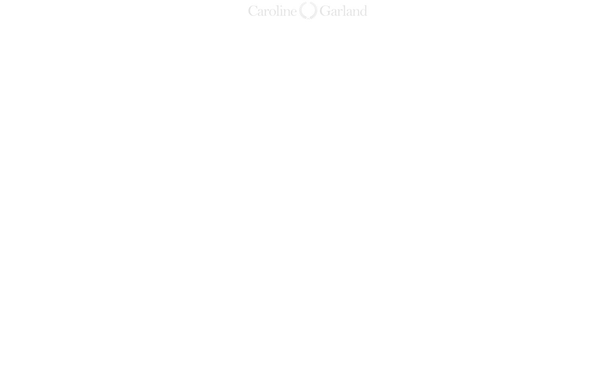  I want to click on 'Bahsegel', so click(466, 60).